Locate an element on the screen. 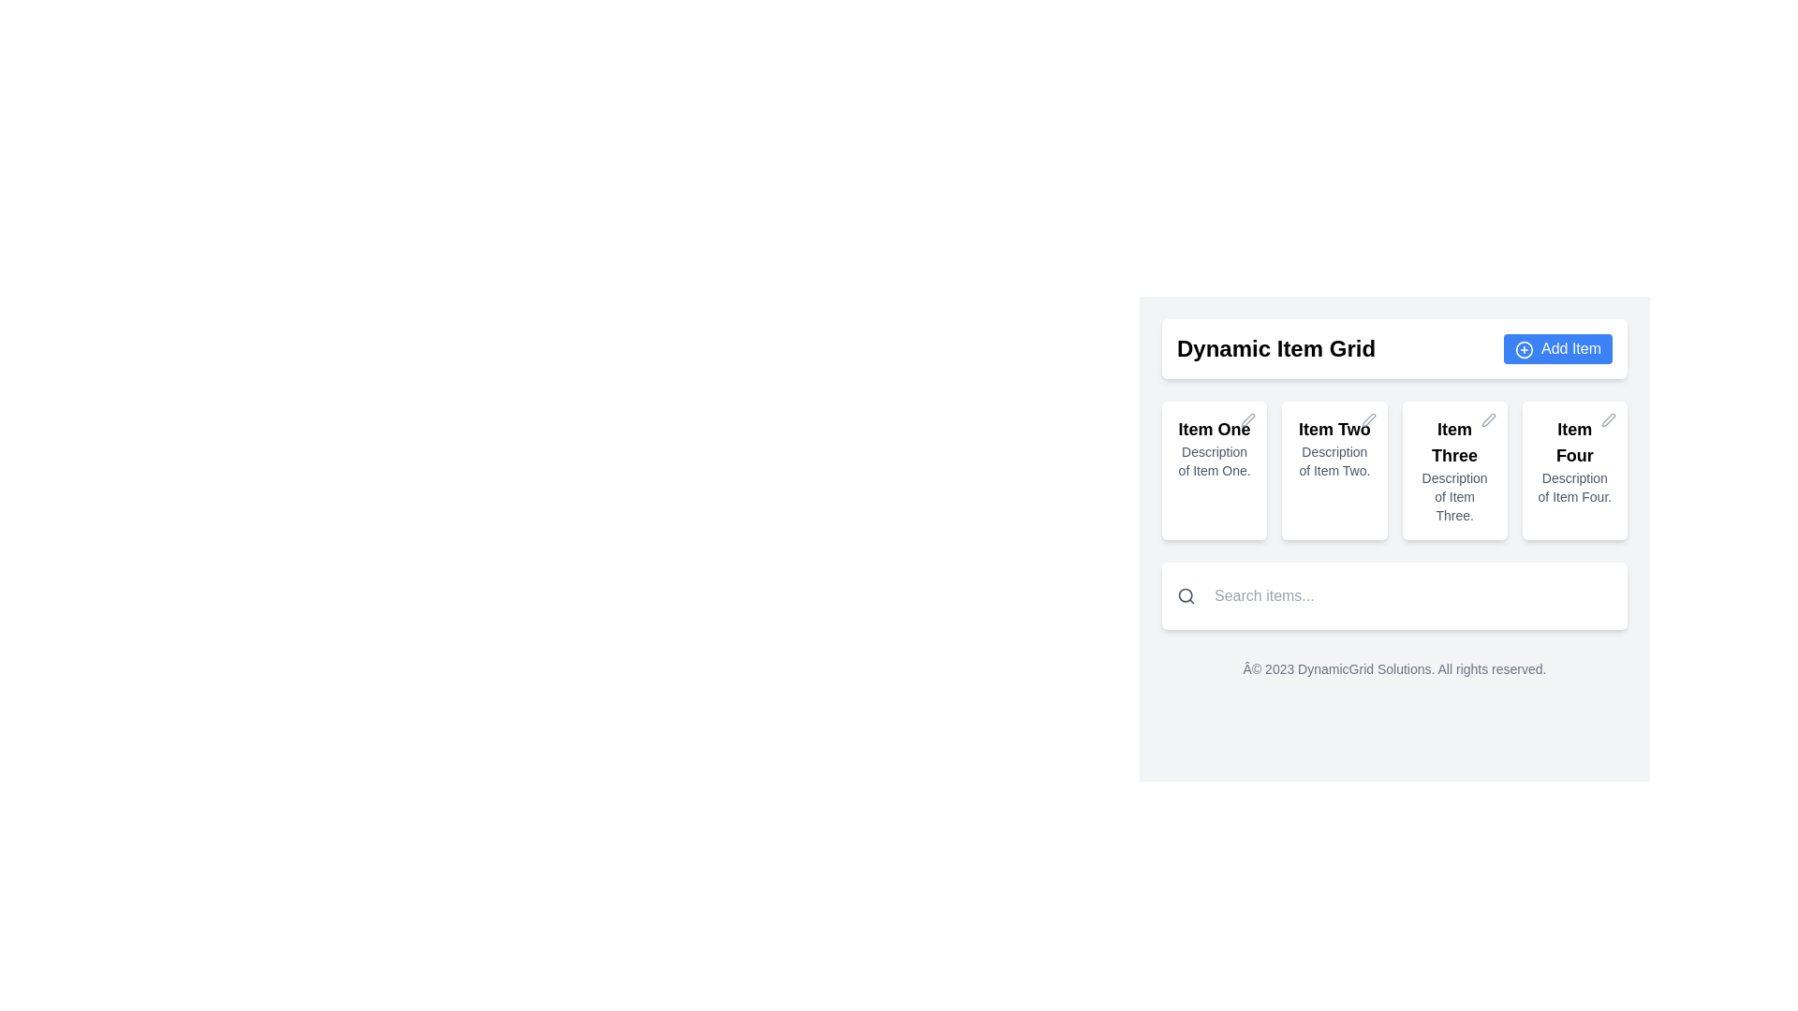 This screenshot has height=1011, width=1798. the text label displaying 'Item Four', which is styled with bold and larger font size, located in the top-left corner of the fourth card in a horizontal grid layout is located at coordinates (1573, 443).